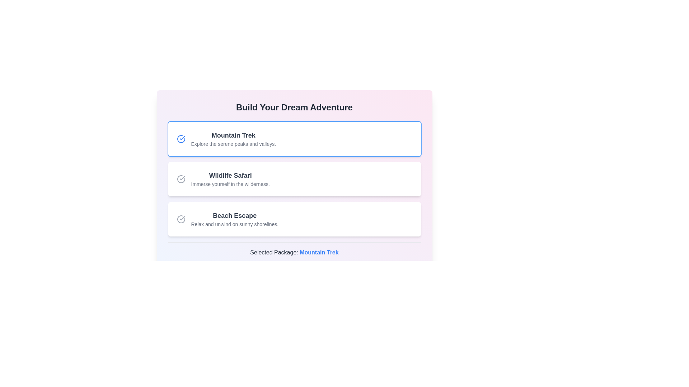 The width and height of the screenshot is (689, 387). Describe the element at coordinates (230, 175) in the screenshot. I see `the text label 'Wildlife Safari', which is prominently displayed in a larger, bold font and gray color, positioned above the subtitle in the second card under 'Build Your Dream Adventure'` at that location.